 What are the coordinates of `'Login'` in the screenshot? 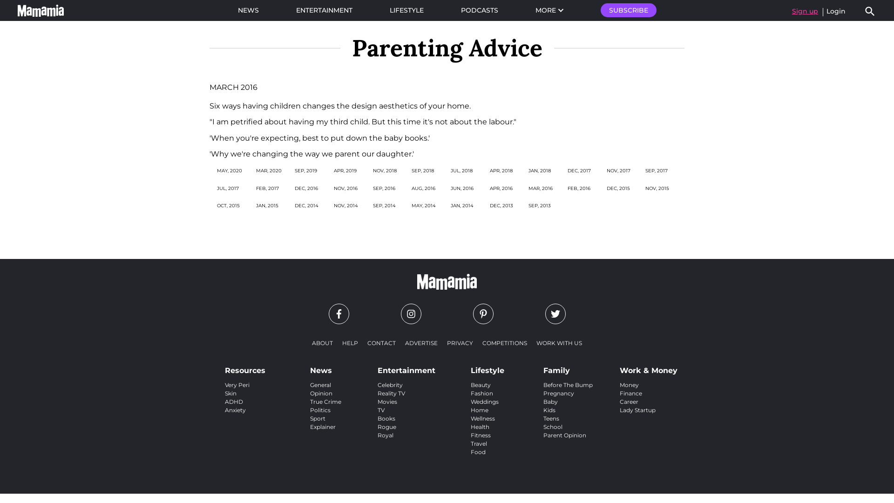 It's located at (836, 11).